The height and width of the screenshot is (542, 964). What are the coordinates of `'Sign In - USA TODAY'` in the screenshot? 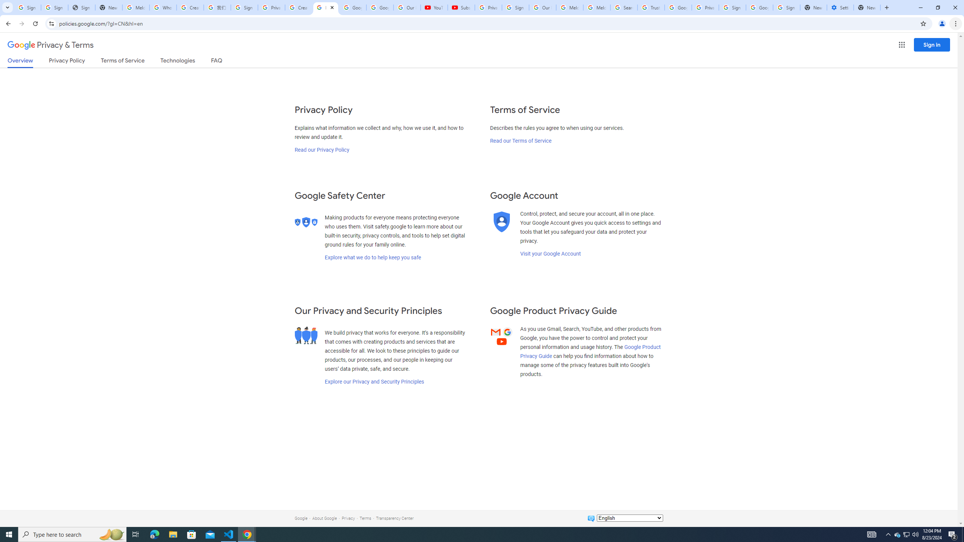 It's located at (81, 7).